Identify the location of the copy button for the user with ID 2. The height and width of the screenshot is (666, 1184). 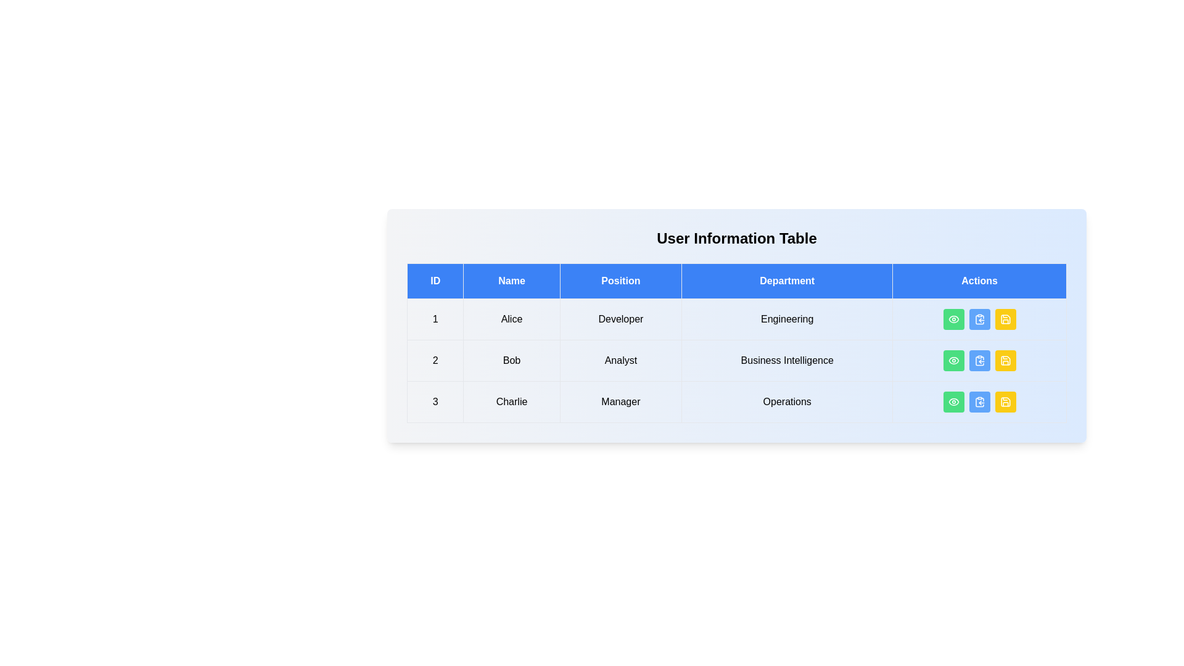
(979, 361).